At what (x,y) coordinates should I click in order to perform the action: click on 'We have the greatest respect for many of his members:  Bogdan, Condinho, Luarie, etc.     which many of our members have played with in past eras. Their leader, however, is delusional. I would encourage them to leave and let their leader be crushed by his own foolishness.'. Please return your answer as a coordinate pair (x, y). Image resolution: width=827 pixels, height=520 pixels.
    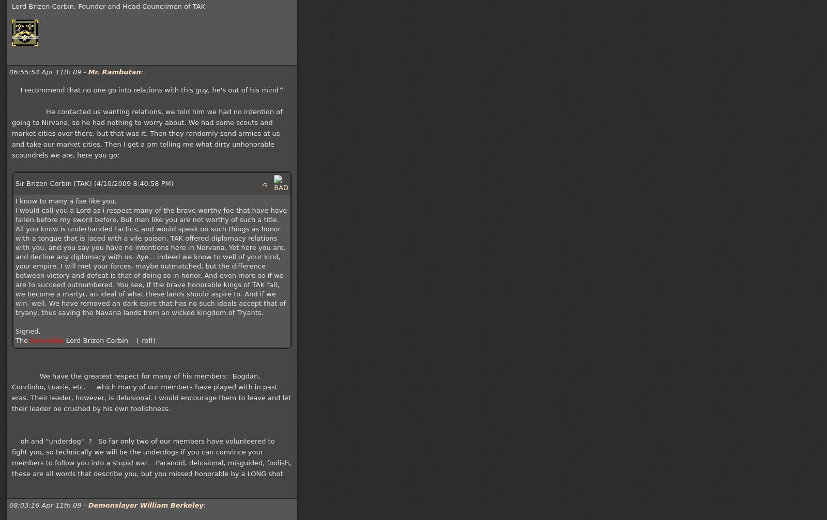
    Looking at the image, I should click on (151, 391).